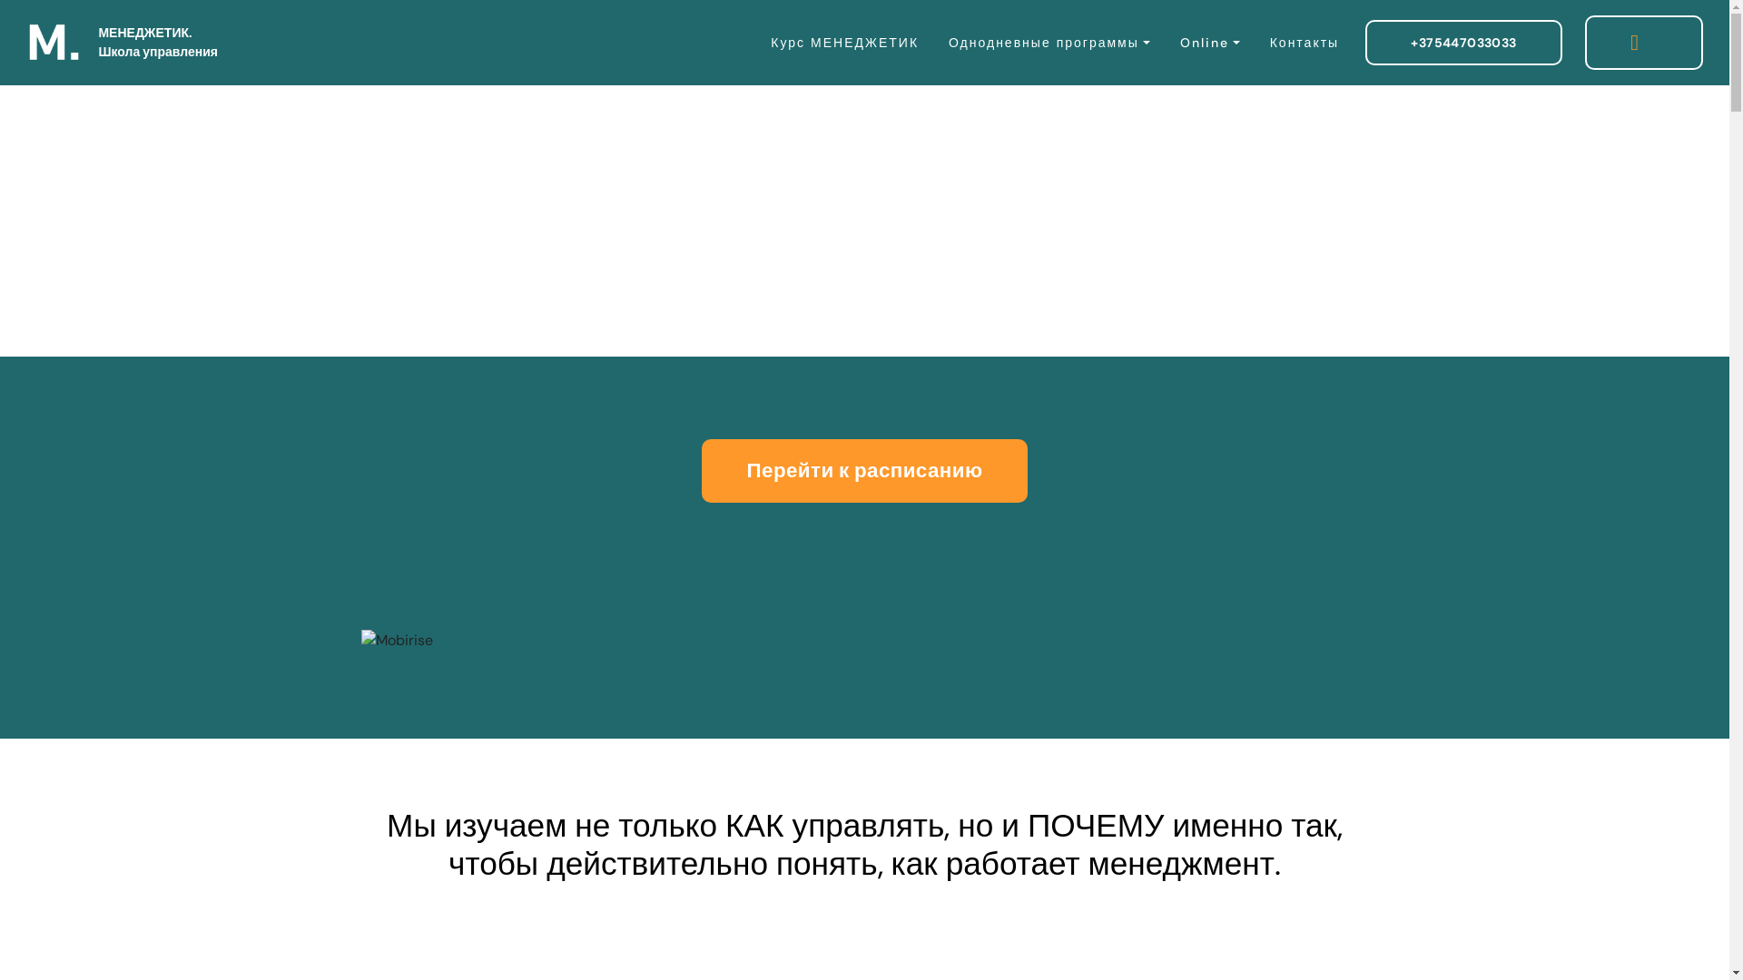 The image size is (1743, 980). What do you see at coordinates (1209, 42) in the screenshot?
I see `'Online'` at bounding box center [1209, 42].